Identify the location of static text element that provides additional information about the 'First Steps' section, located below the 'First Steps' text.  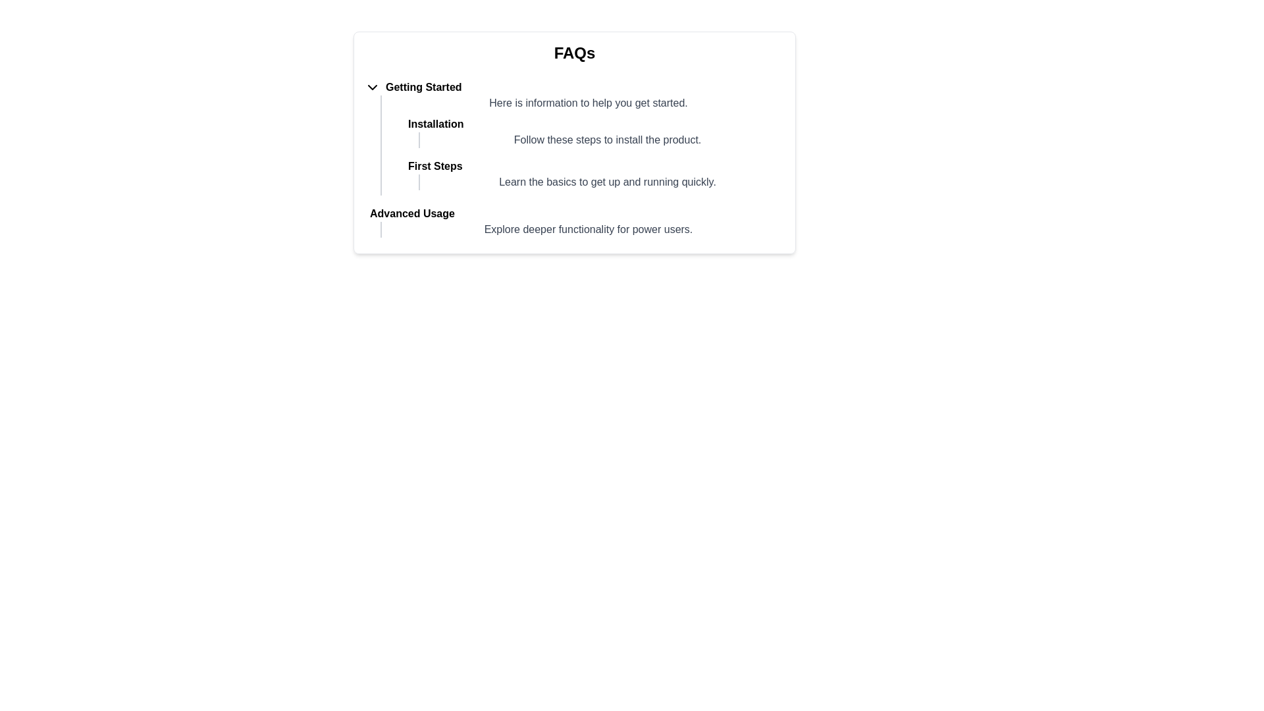
(600, 182).